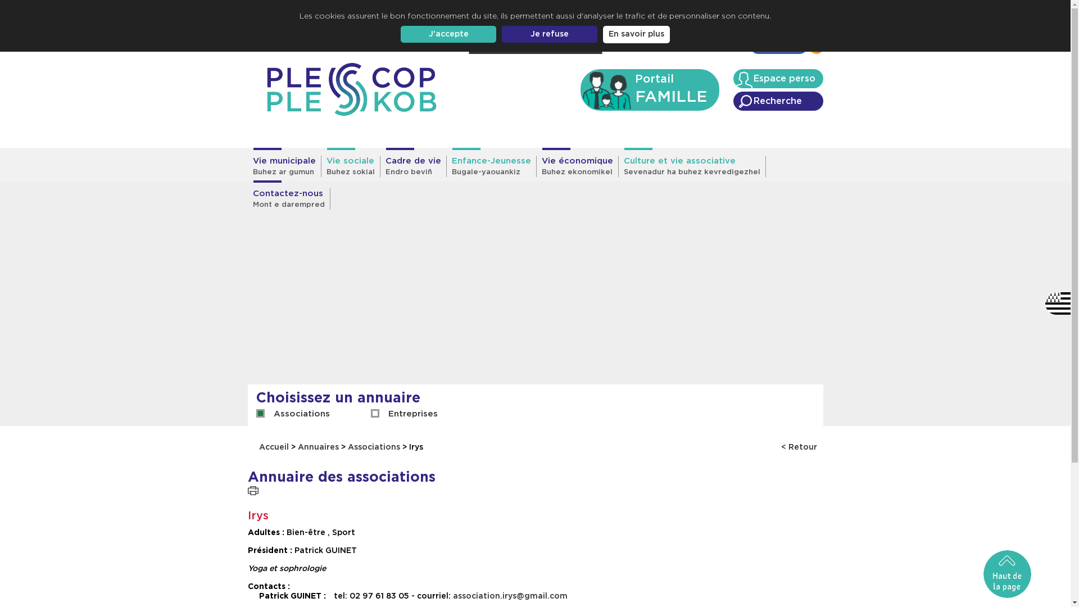 The image size is (1079, 607). Describe the element at coordinates (617, 166) in the screenshot. I see `'Culture et vie associative` at that location.